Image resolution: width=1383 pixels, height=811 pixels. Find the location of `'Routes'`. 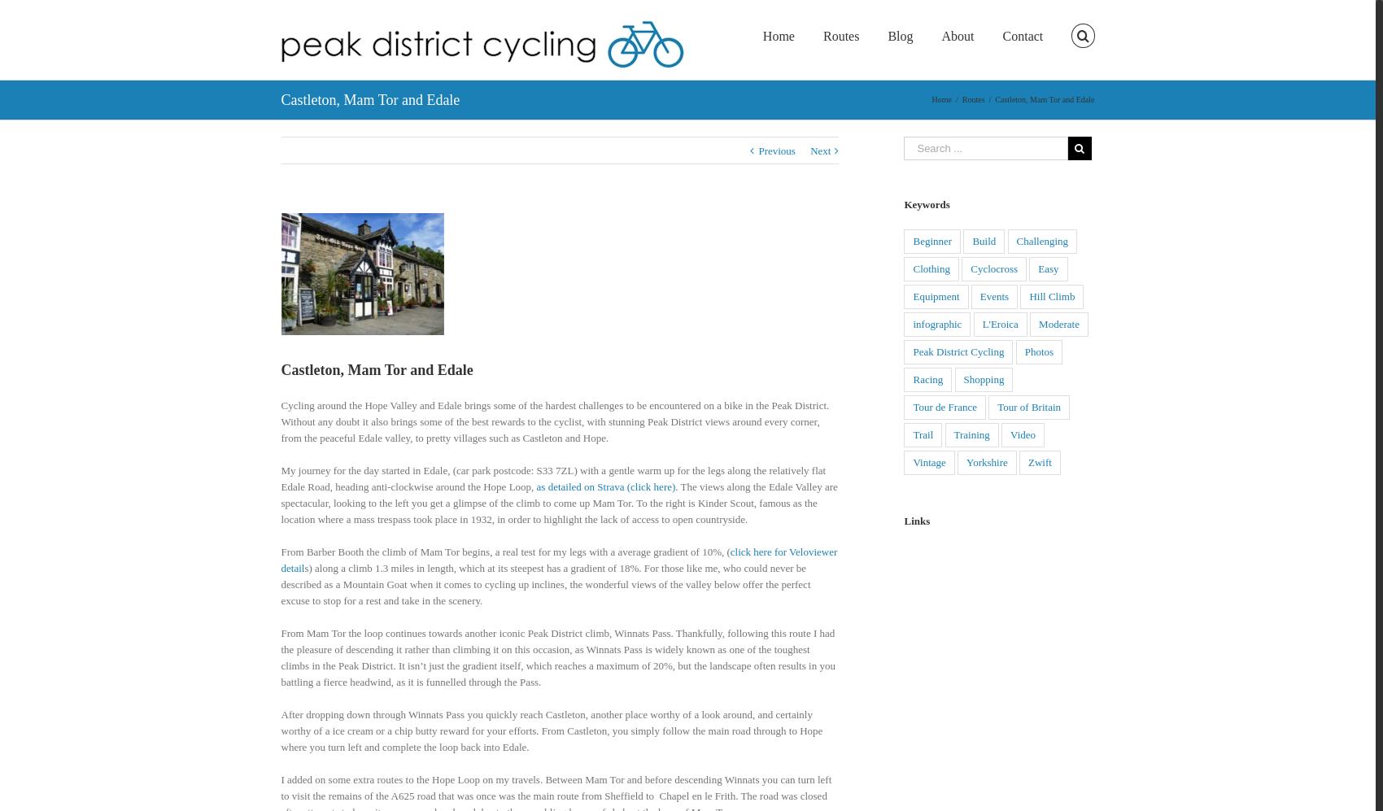

'Routes' is located at coordinates (971, 99).